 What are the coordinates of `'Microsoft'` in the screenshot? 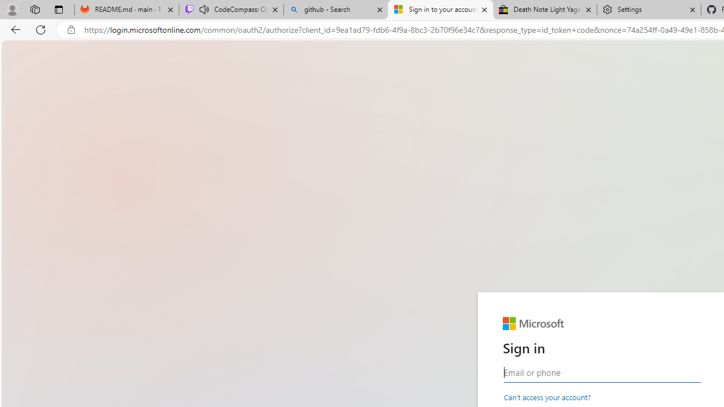 It's located at (533, 324).